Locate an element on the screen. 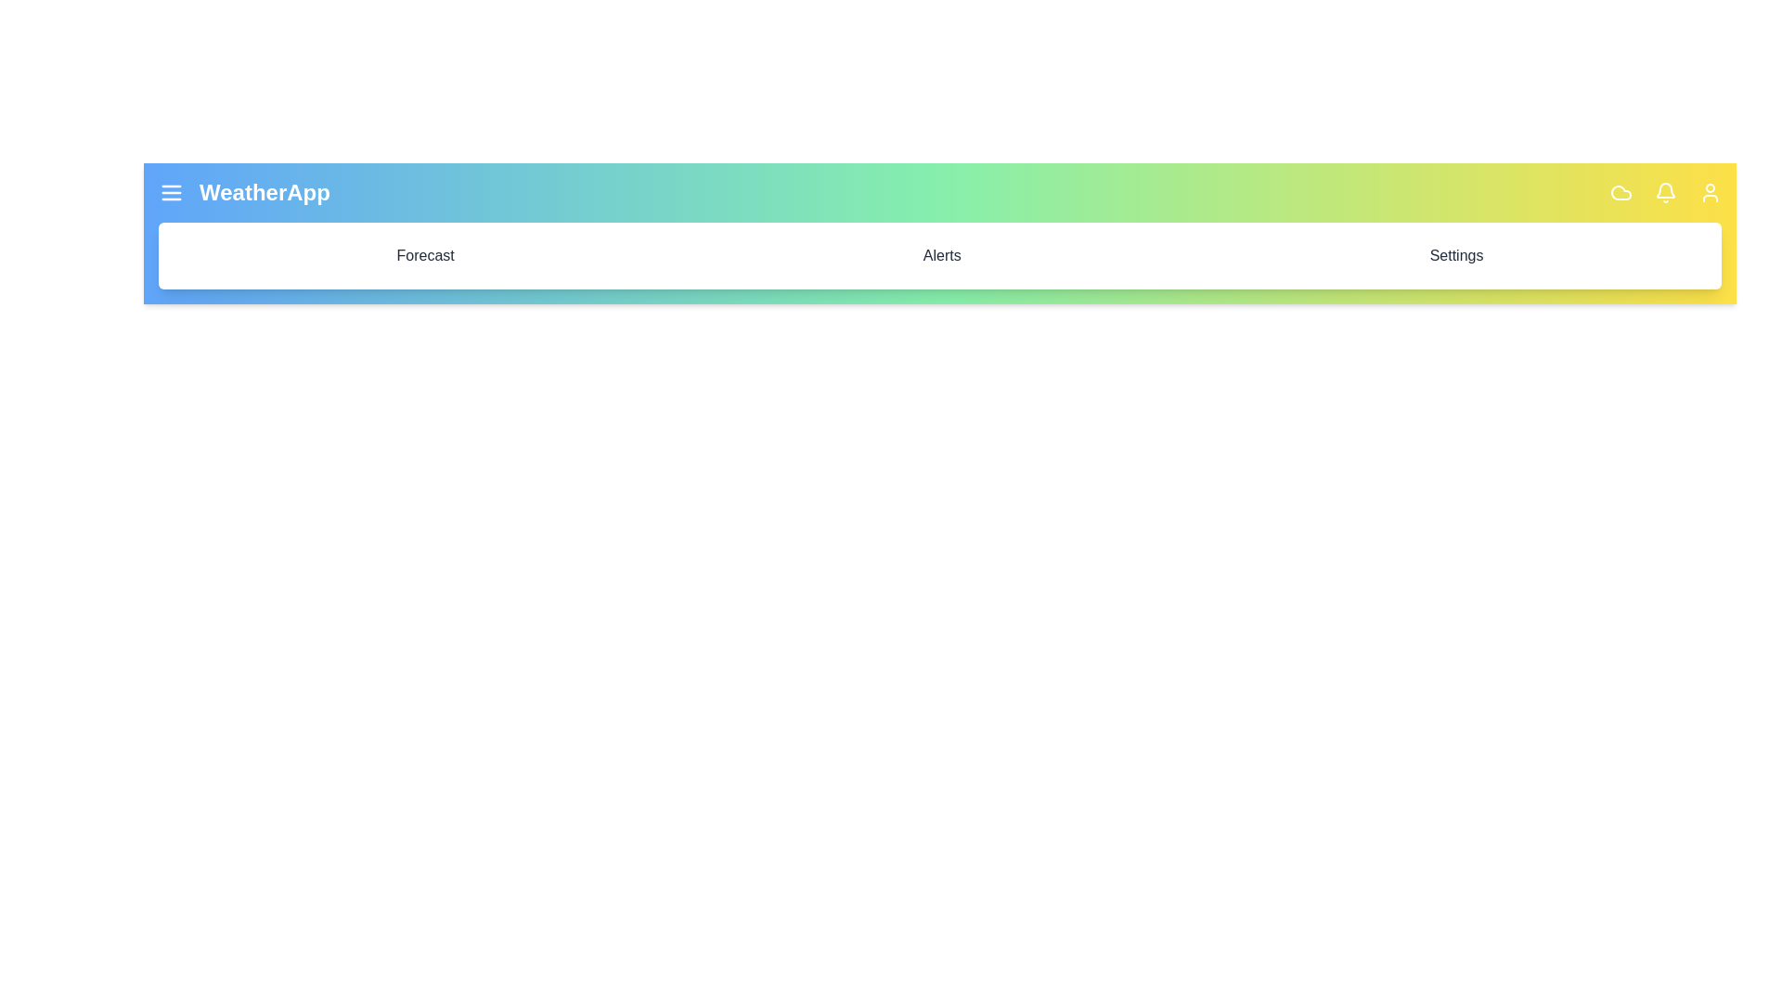  the 'Forecast' menu item is located at coordinates (424, 256).